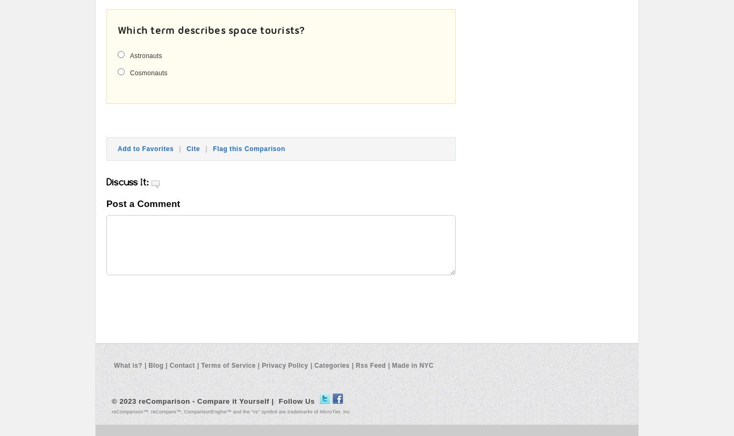 The image size is (734, 436). I want to click on 'Blog', so click(156, 364).